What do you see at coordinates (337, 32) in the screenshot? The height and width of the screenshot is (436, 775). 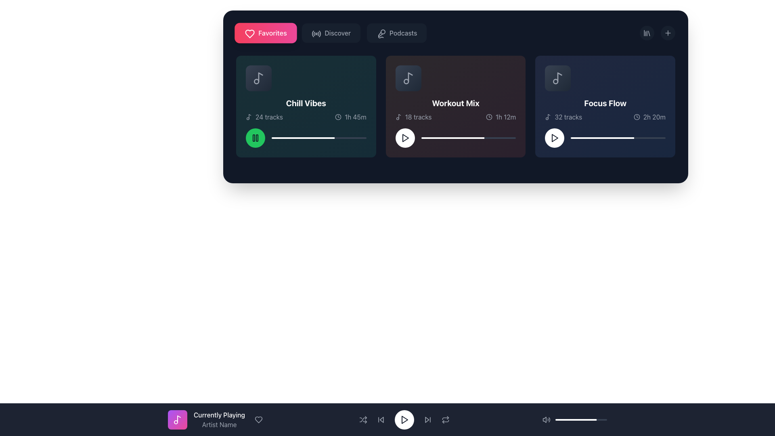 I see `the text label in the navigation bar that indicates a section related to music or playlists, positioned between 'Favorites' and 'Podcasts'` at bounding box center [337, 32].